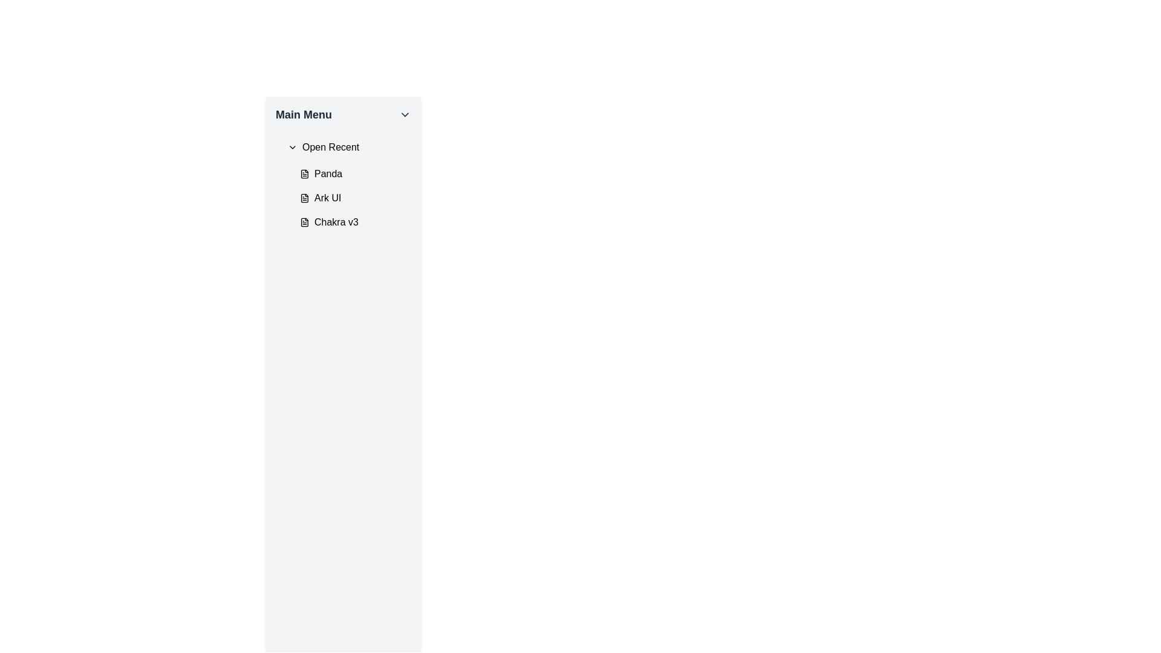  Describe the element at coordinates (357, 197) in the screenshot. I see `the 'Ark UI' navigational menu item, which is the second item in the vertical list within the 'Main Menu' section` at that location.